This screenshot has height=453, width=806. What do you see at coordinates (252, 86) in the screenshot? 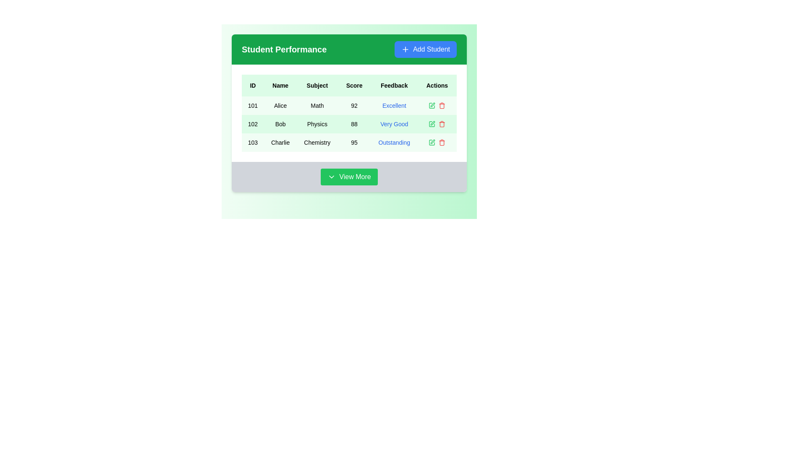
I see `the 'ID' column header in the table, which is the first item in the header row and located at the top-left of the table` at bounding box center [252, 86].